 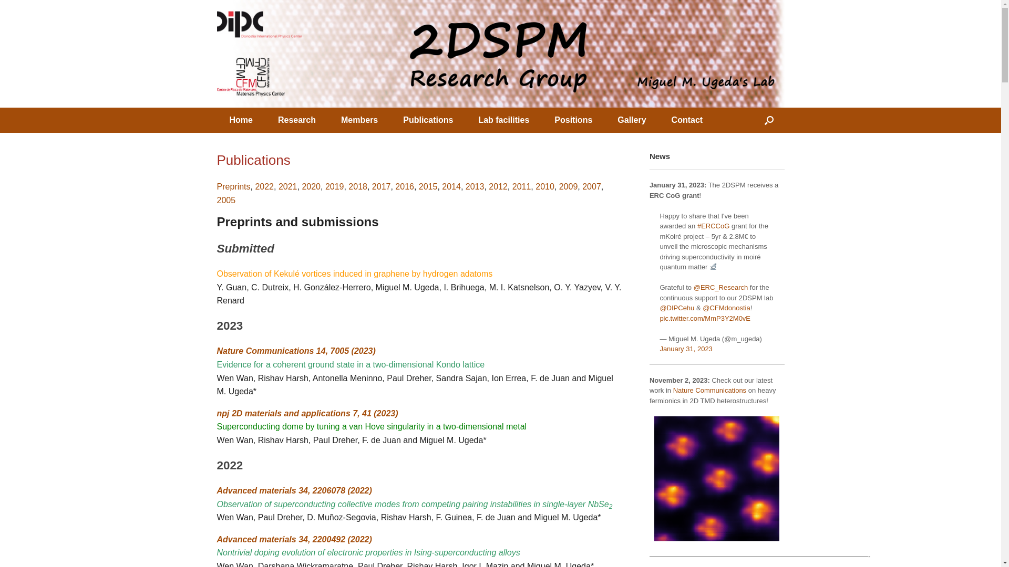 I want to click on 'January 31, 2023', so click(x=658, y=349).